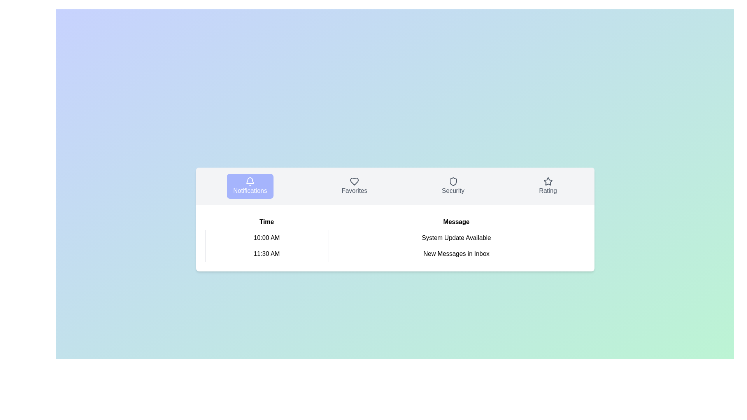 The height and width of the screenshot is (420, 747). Describe the element at coordinates (395, 237) in the screenshot. I see `time '10:00 AM' and the message 'System Update Available' from the first row of the notifications table` at that location.